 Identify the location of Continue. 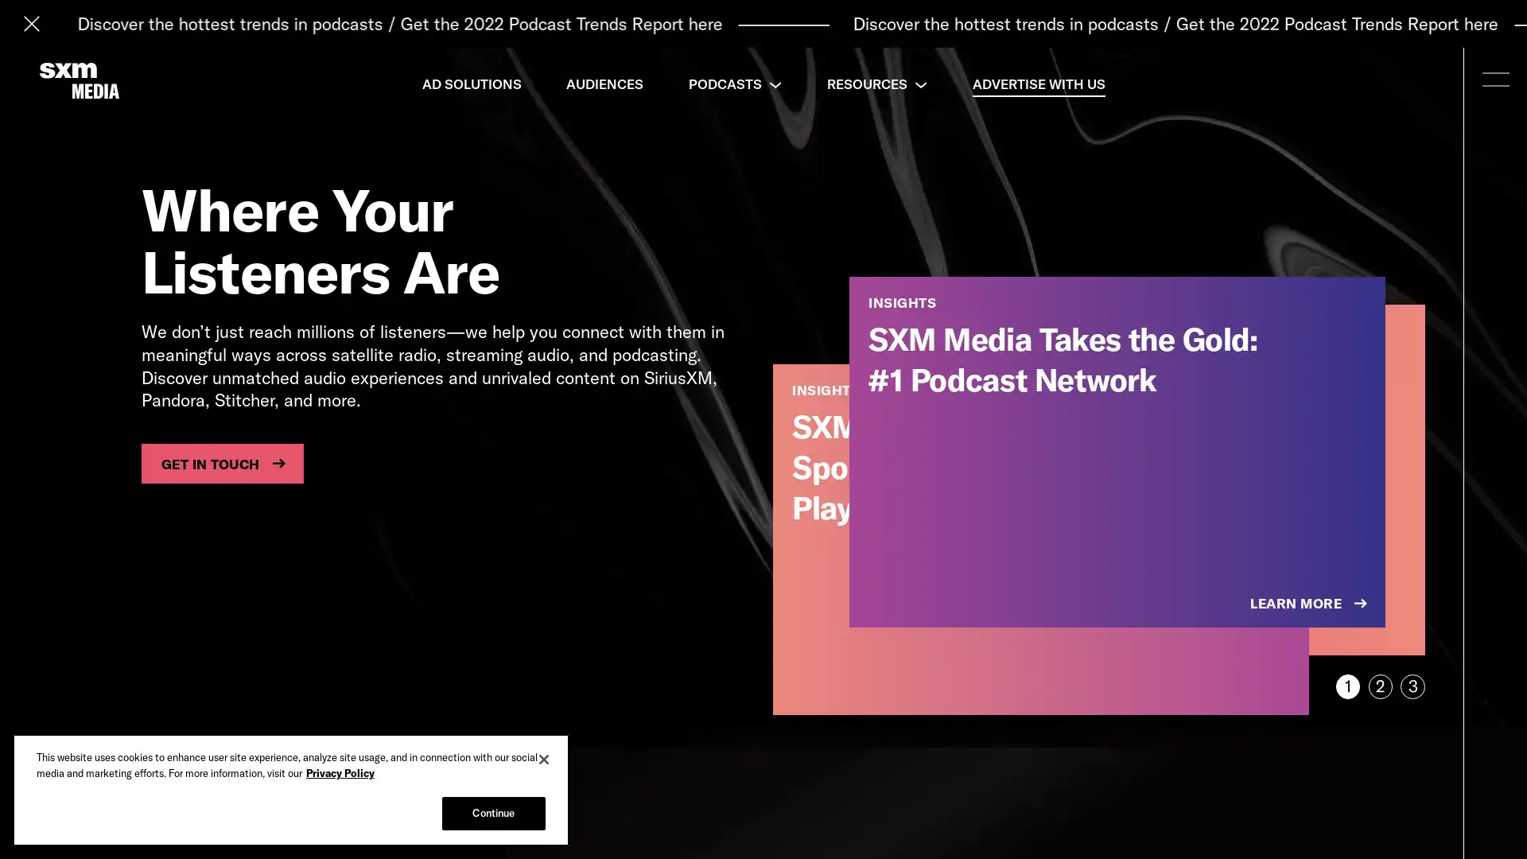
(492, 813).